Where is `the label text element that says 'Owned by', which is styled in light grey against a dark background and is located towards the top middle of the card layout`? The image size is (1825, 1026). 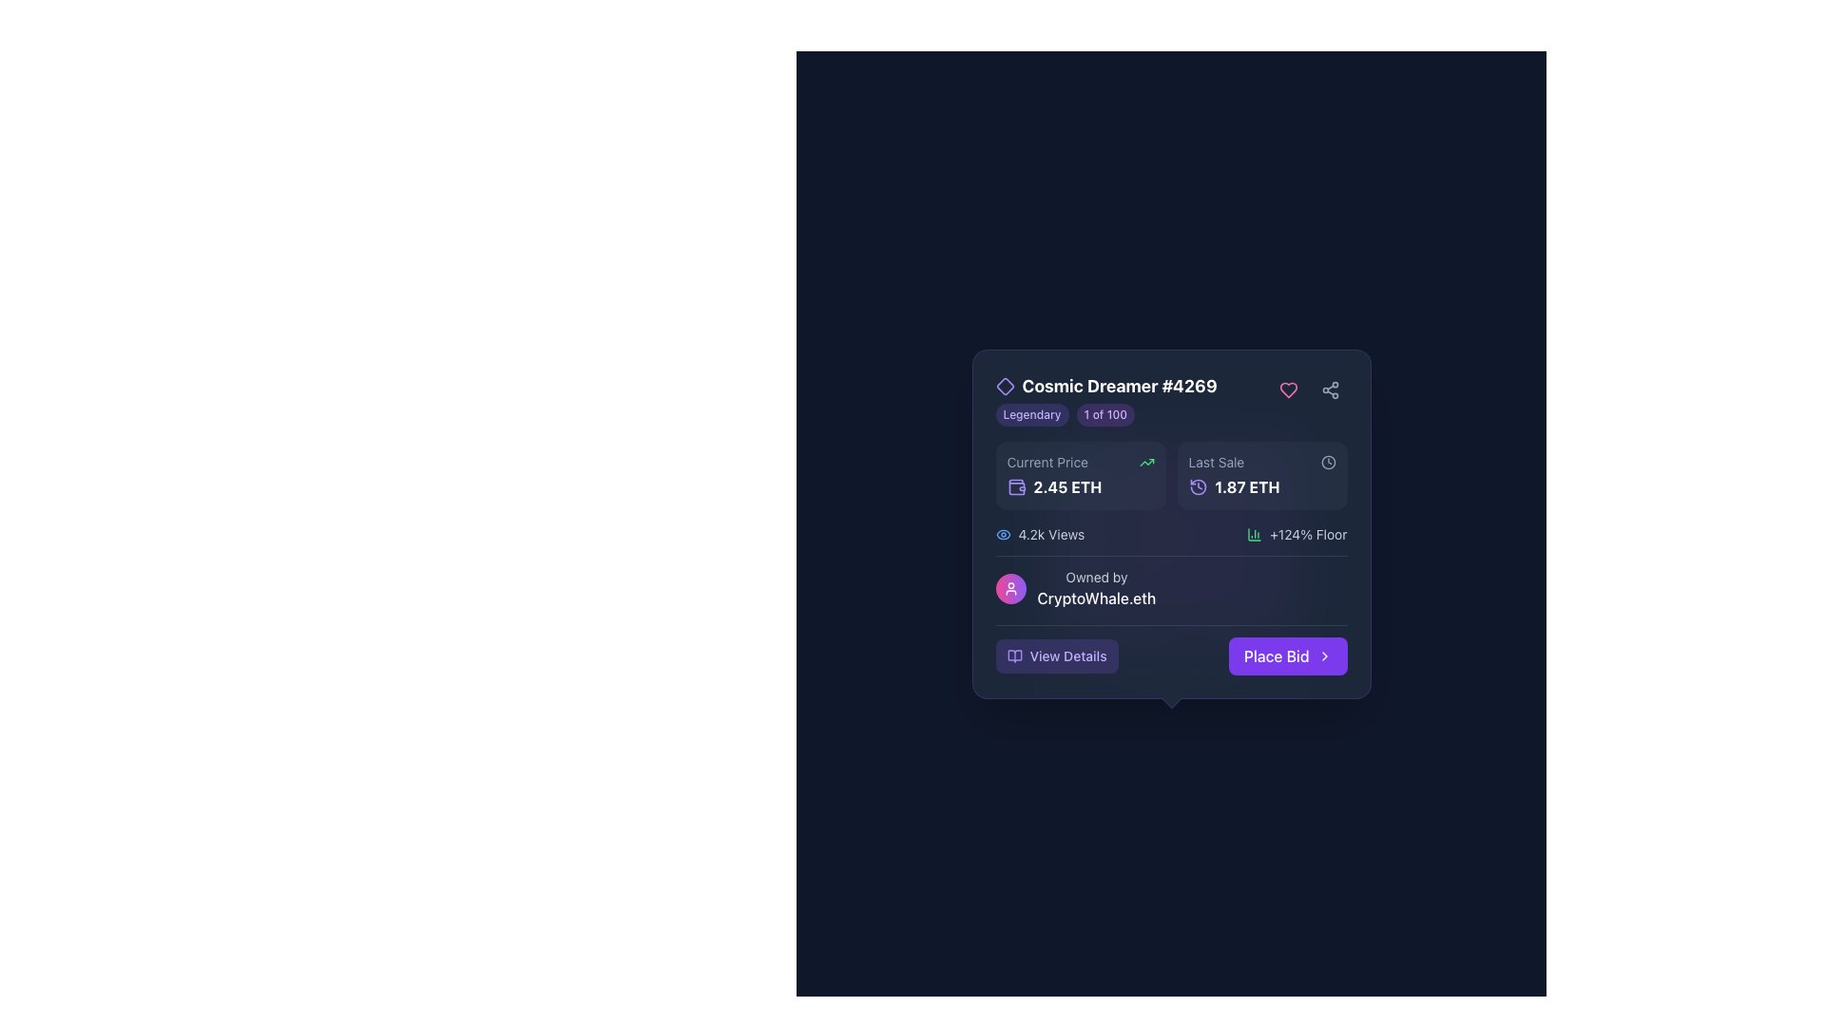 the label text element that says 'Owned by', which is styled in light grey against a dark background and is located towards the top middle of the card layout is located at coordinates (1096, 577).